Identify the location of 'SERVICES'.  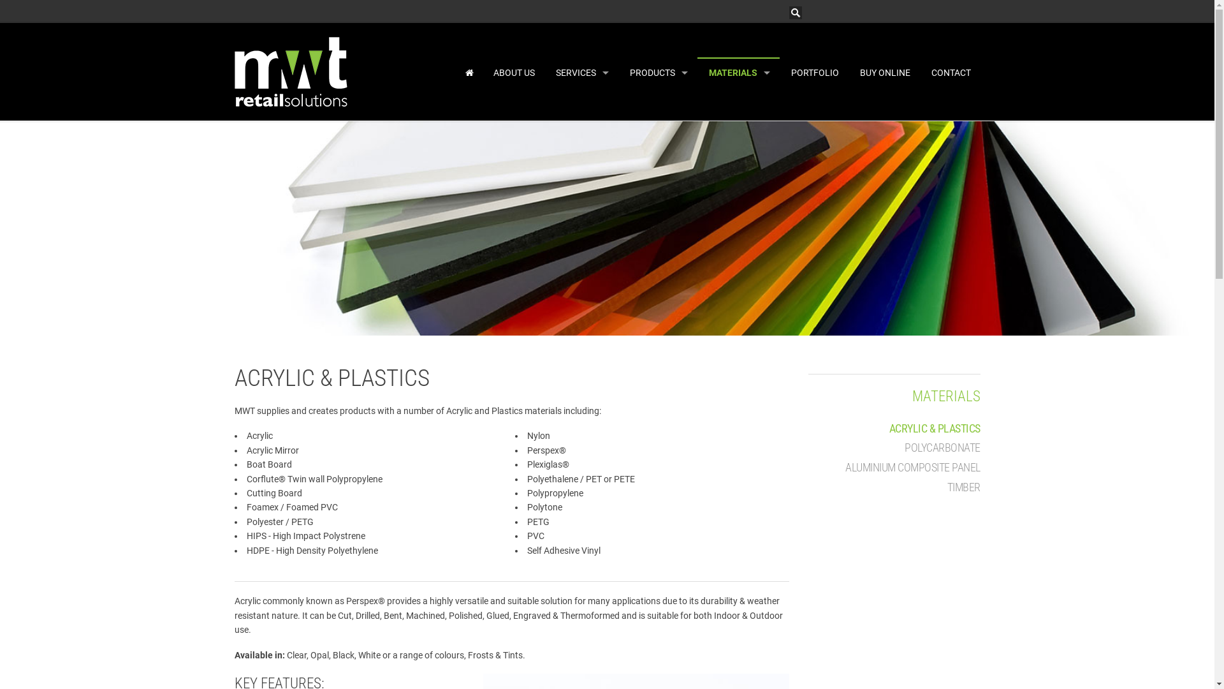
(581, 72).